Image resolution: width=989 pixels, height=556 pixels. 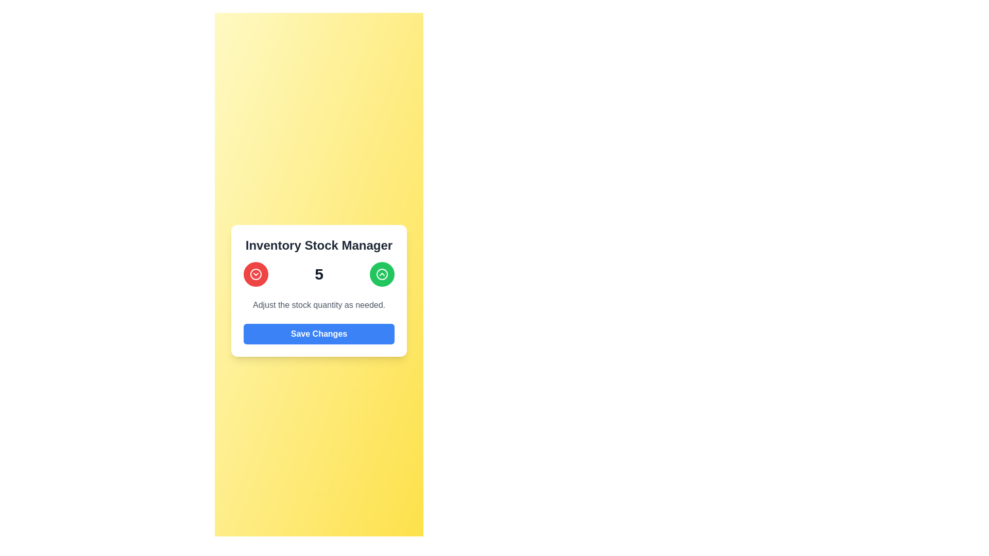 I want to click on the prominently displayed number '5' in the stock adjustment interface, which is styled in bold, dark font and positioned at the center of the Inventory Stock Manager card, so click(x=318, y=273).